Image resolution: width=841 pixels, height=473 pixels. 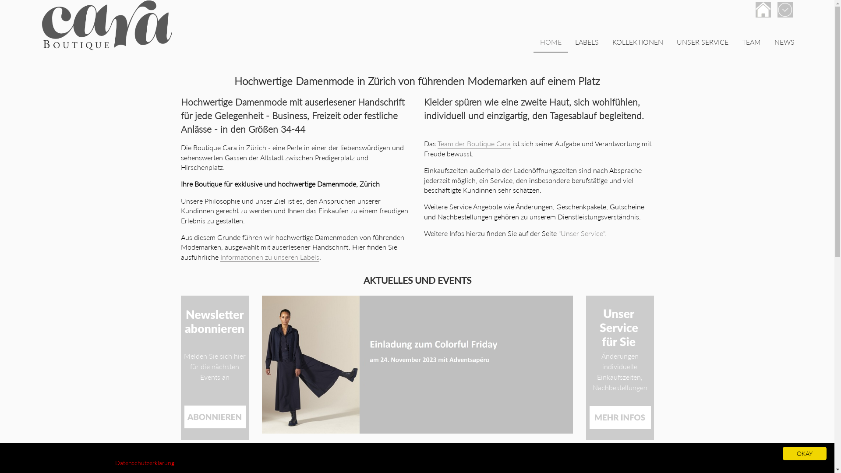 I want to click on 'HOME', so click(x=550, y=42).